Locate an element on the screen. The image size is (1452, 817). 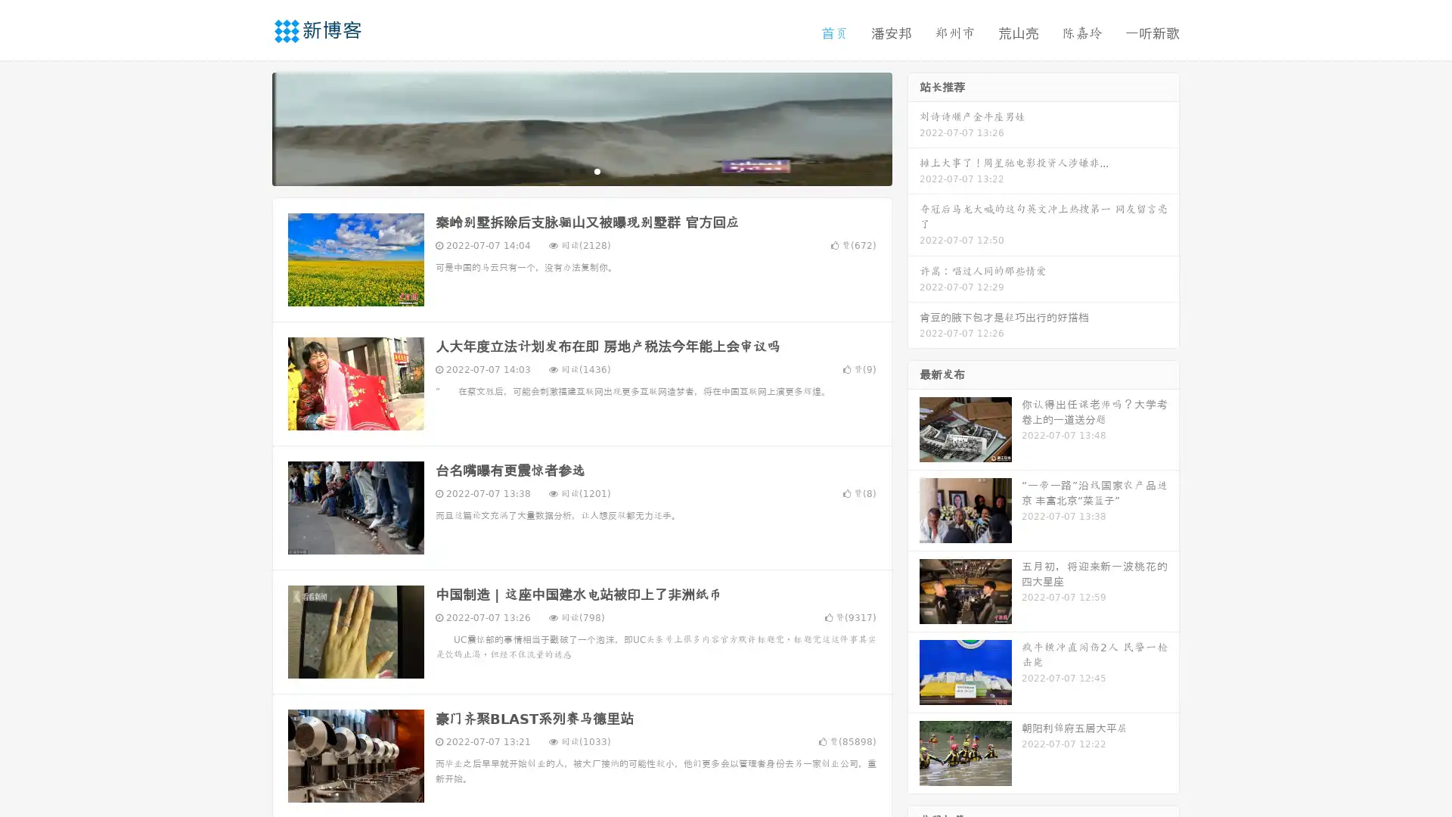
Previous slide is located at coordinates (250, 127).